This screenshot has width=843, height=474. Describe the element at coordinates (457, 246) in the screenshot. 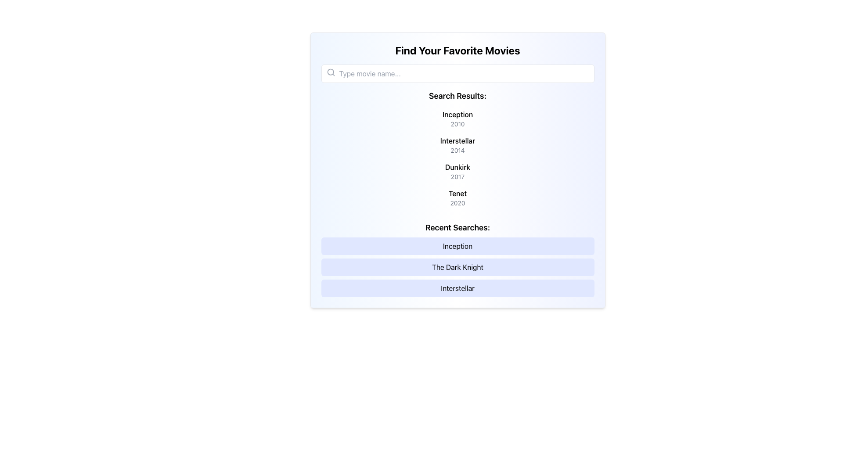

I see `the first item in the vertical list of recent search terms under the 'Recent Searches' label` at that location.